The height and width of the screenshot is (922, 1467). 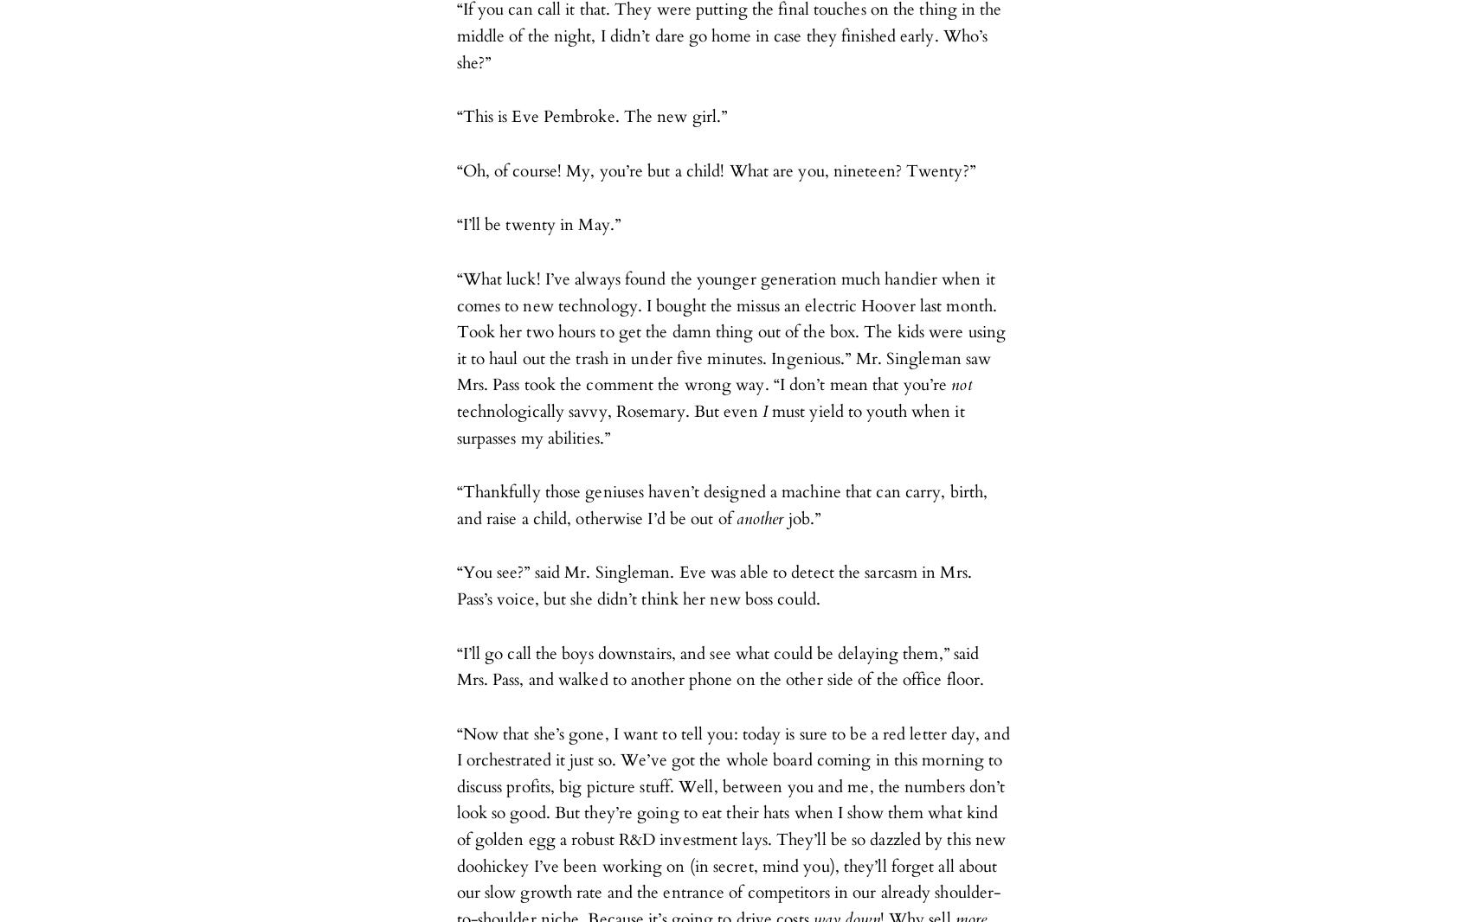 I want to click on '“This is Eve Pembroke. The new girl.”', so click(x=591, y=116).